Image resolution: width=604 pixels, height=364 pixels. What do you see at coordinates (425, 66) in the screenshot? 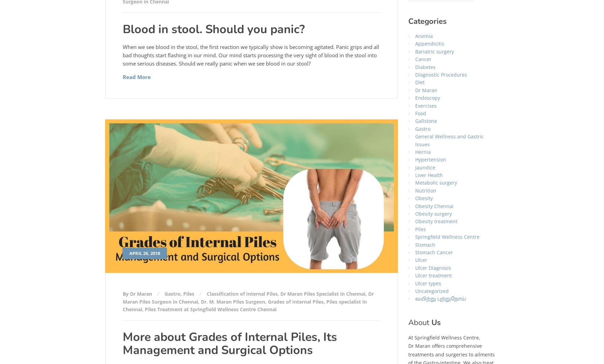
I see `'Diabetes'` at bounding box center [425, 66].